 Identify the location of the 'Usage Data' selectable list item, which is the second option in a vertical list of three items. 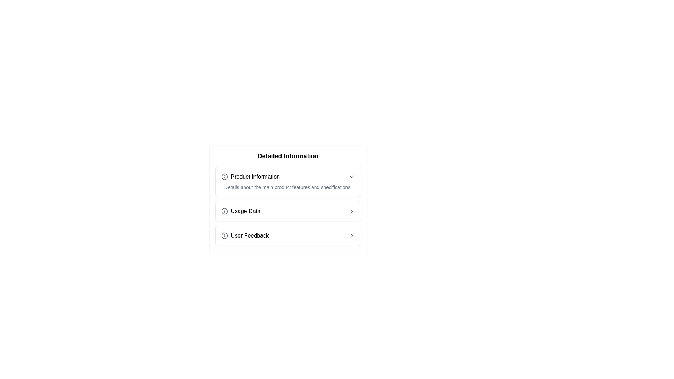
(288, 211).